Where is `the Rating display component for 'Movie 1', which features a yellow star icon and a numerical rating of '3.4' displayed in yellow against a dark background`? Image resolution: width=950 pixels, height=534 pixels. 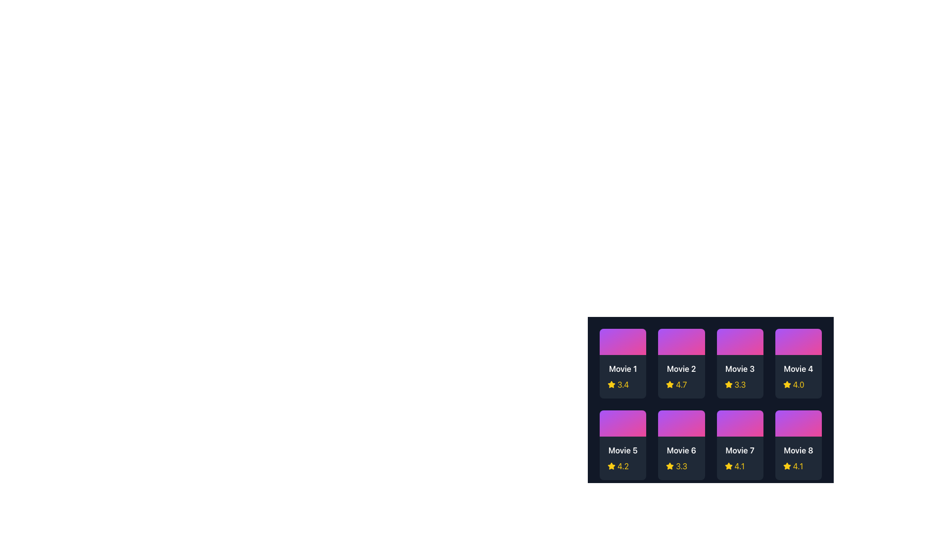
the Rating display component for 'Movie 1', which features a yellow star icon and a numerical rating of '3.4' displayed in yellow against a dark background is located at coordinates (622, 384).